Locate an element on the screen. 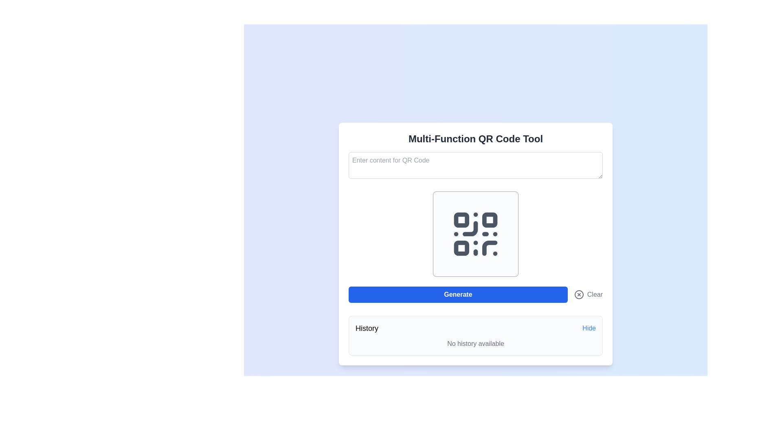 Image resolution: width=782 pixels, height=439 pixels. the 'Clear' button with an 'x' icon to change its color to red is located at coordinates (588, 294).